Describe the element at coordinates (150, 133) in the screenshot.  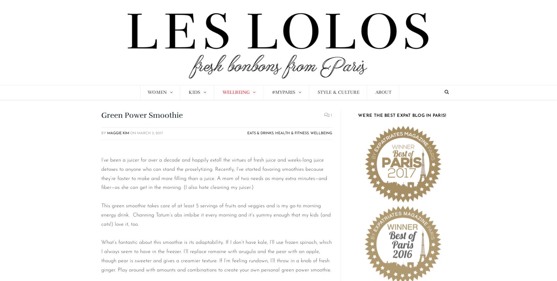
I see `'March 3, 2017'` at that location.